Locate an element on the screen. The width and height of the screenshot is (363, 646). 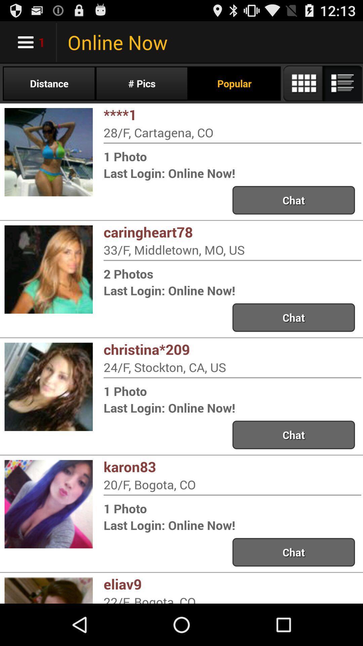
profiles in different structures is located at coordinates (322, 83).